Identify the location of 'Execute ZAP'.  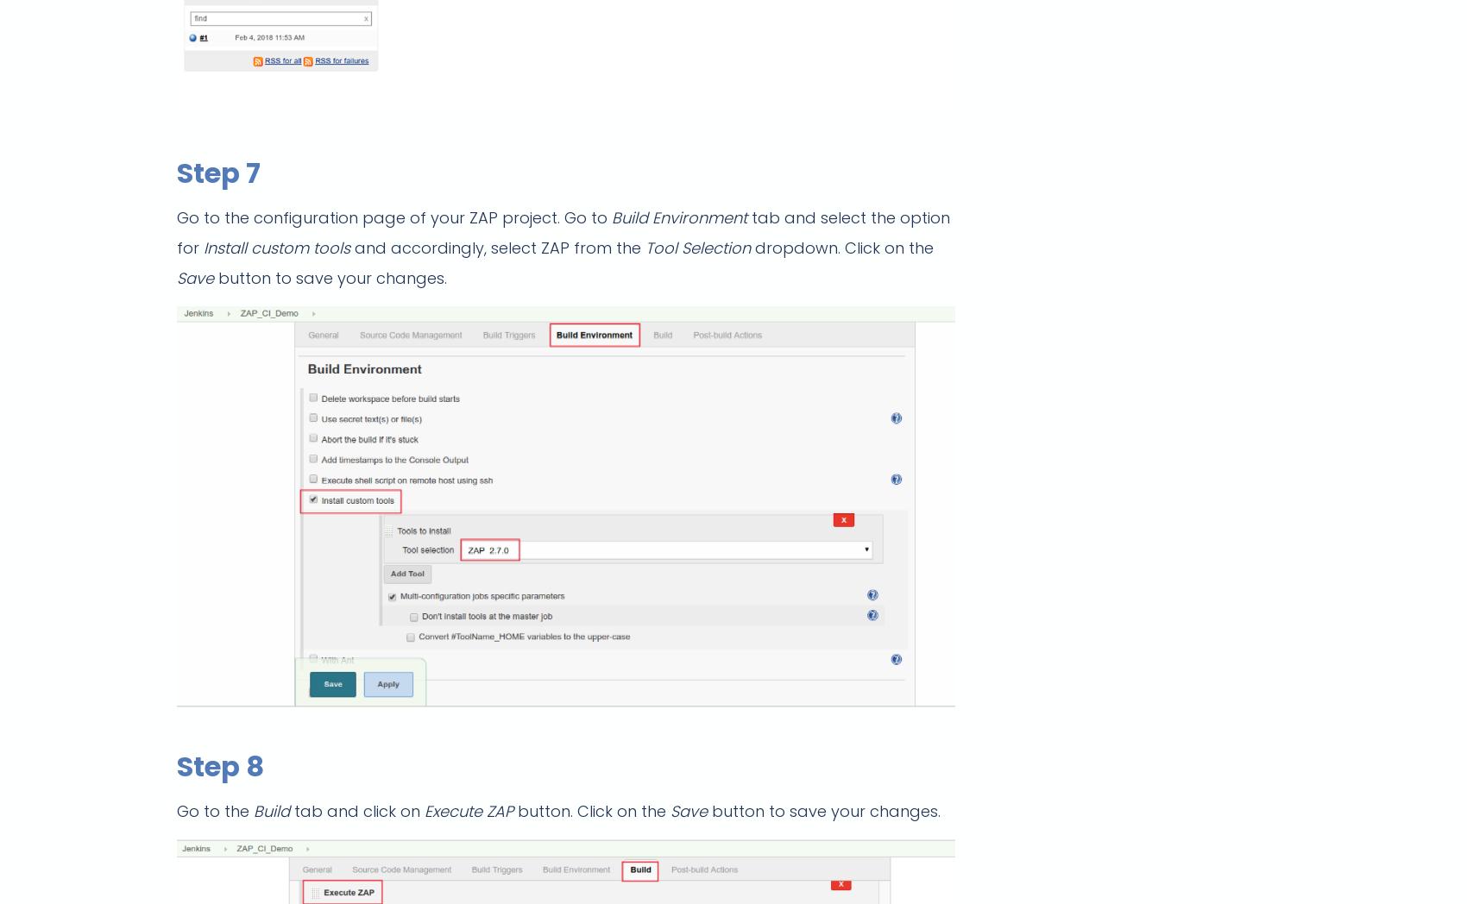
(470, 811).